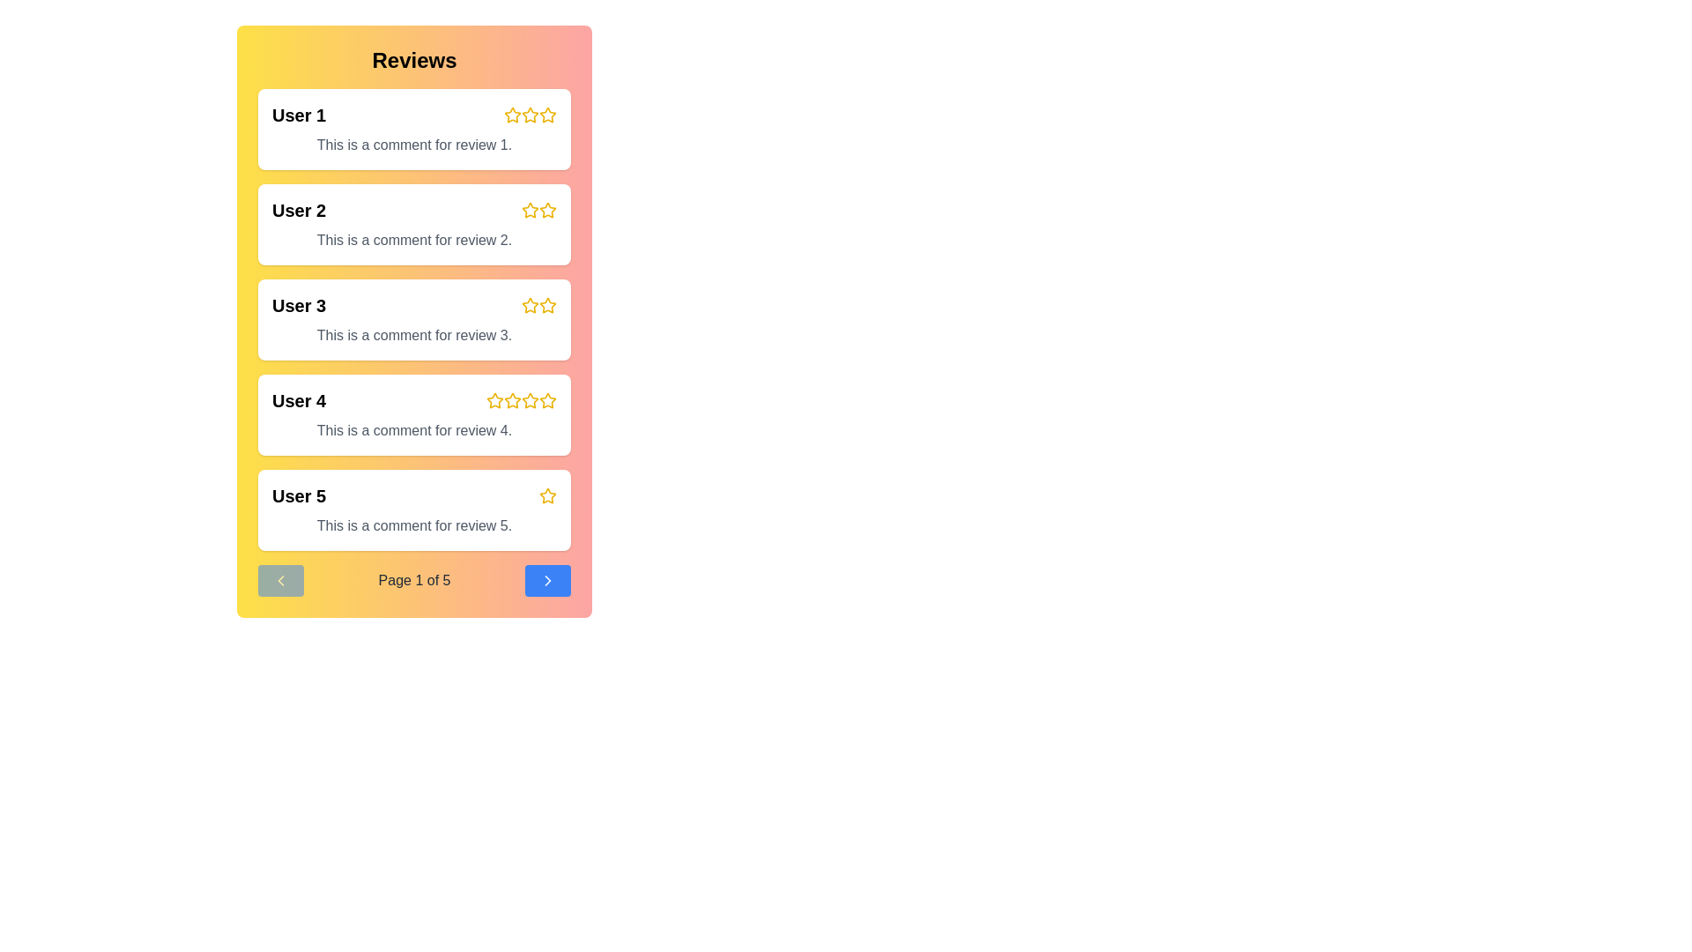 The image size is (1692, 952). Describe the element at coordinates (413, 145) in the screenshot. I see `text displayed in the Label that shows the user comment associated with the first review item in the 'Reviews' section, positioned below 'User 1'` at that location.